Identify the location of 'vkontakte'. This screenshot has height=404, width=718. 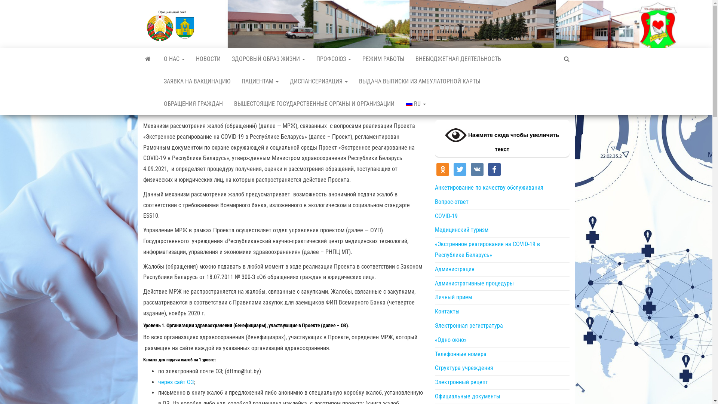
(476, 169).